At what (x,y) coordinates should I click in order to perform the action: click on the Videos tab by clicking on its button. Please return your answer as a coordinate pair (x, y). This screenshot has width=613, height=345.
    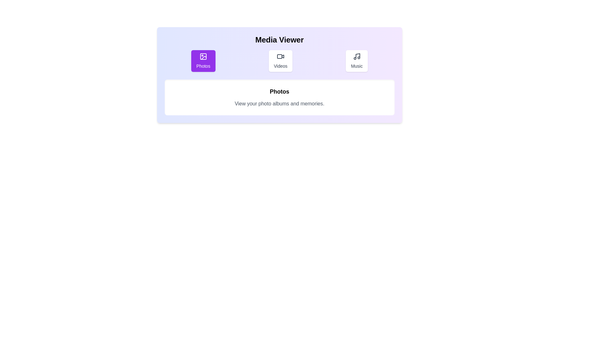
    Looking at the image, I should click on (280, 61).